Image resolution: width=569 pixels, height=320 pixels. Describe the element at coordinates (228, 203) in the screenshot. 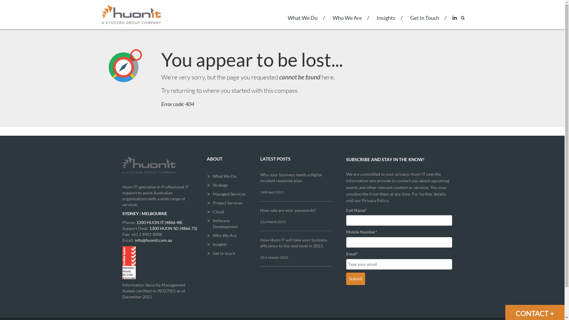

I see `'Project Services'` at that location.